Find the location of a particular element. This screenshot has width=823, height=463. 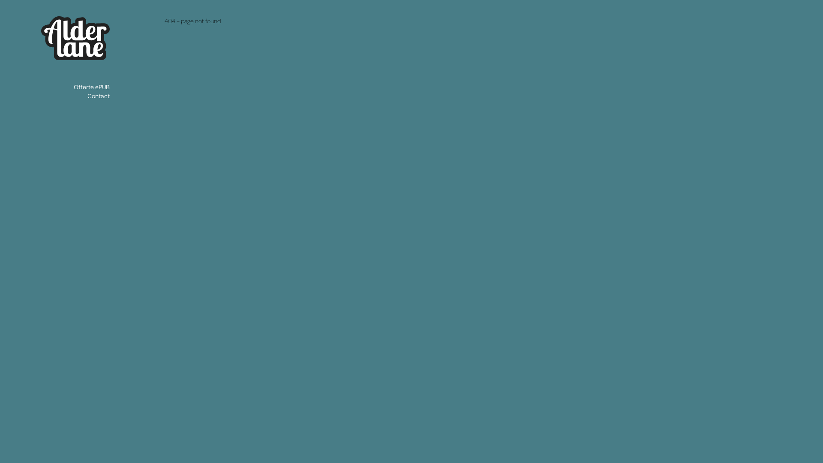

'Contact' is located at coordinates (99, 96).